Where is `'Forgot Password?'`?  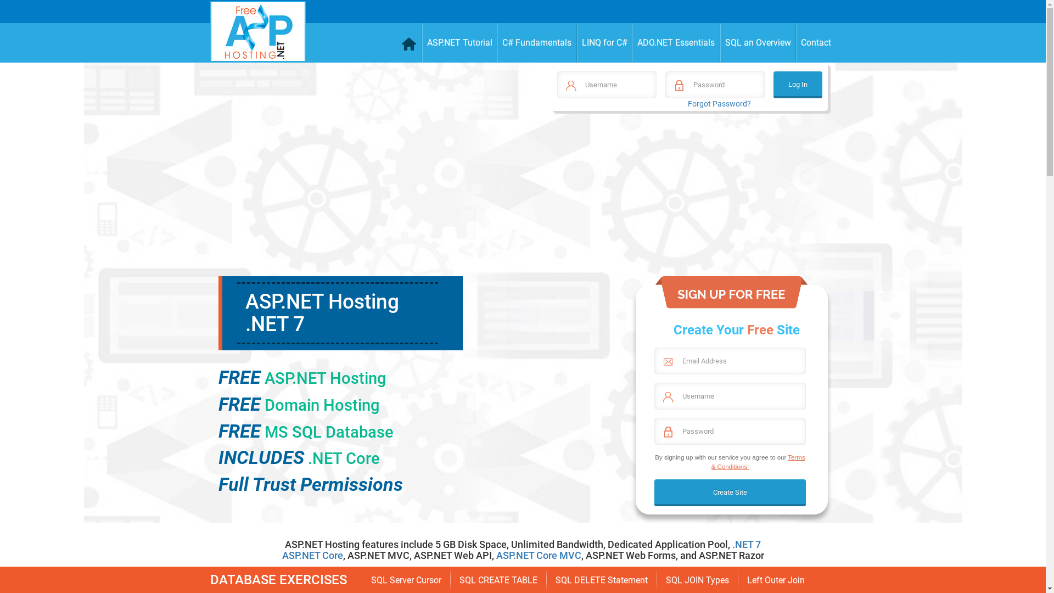
'Forgot Password?' is located at coordinates (687, 104).